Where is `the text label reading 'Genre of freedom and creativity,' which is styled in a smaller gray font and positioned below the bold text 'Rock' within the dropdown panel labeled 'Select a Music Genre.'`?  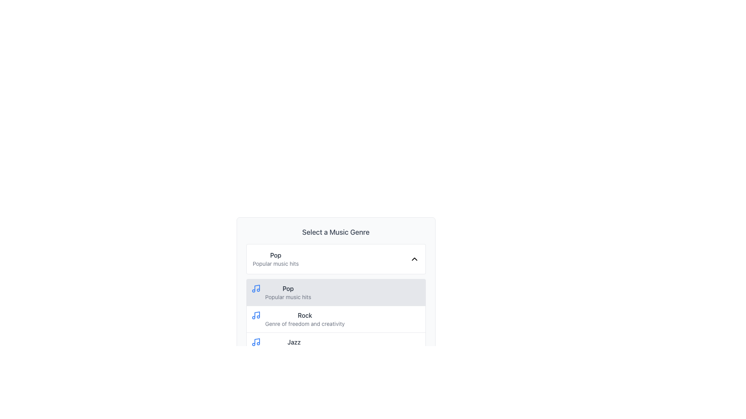
the text label reading 'Genre of freedom and creativity,' which is styled in a smaller gray font and positioned below the bold text 'Rock' within the dropdown panel labeled 'Select a Music Genre.' is located at coordinates (304, 324).